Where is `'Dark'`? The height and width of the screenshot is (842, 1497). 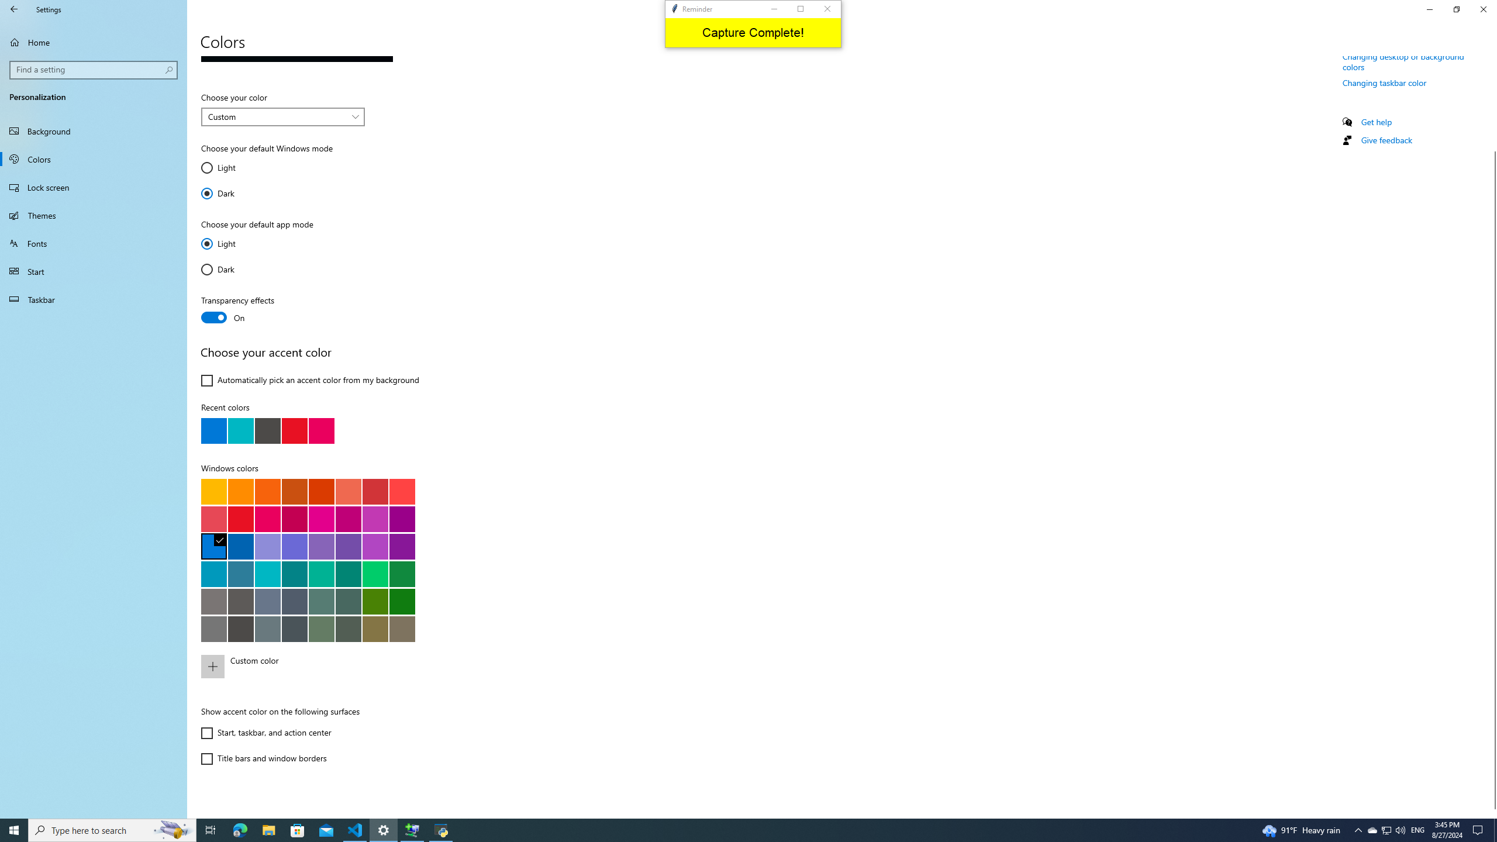
'Dark' is located at coordinates (236, 268).